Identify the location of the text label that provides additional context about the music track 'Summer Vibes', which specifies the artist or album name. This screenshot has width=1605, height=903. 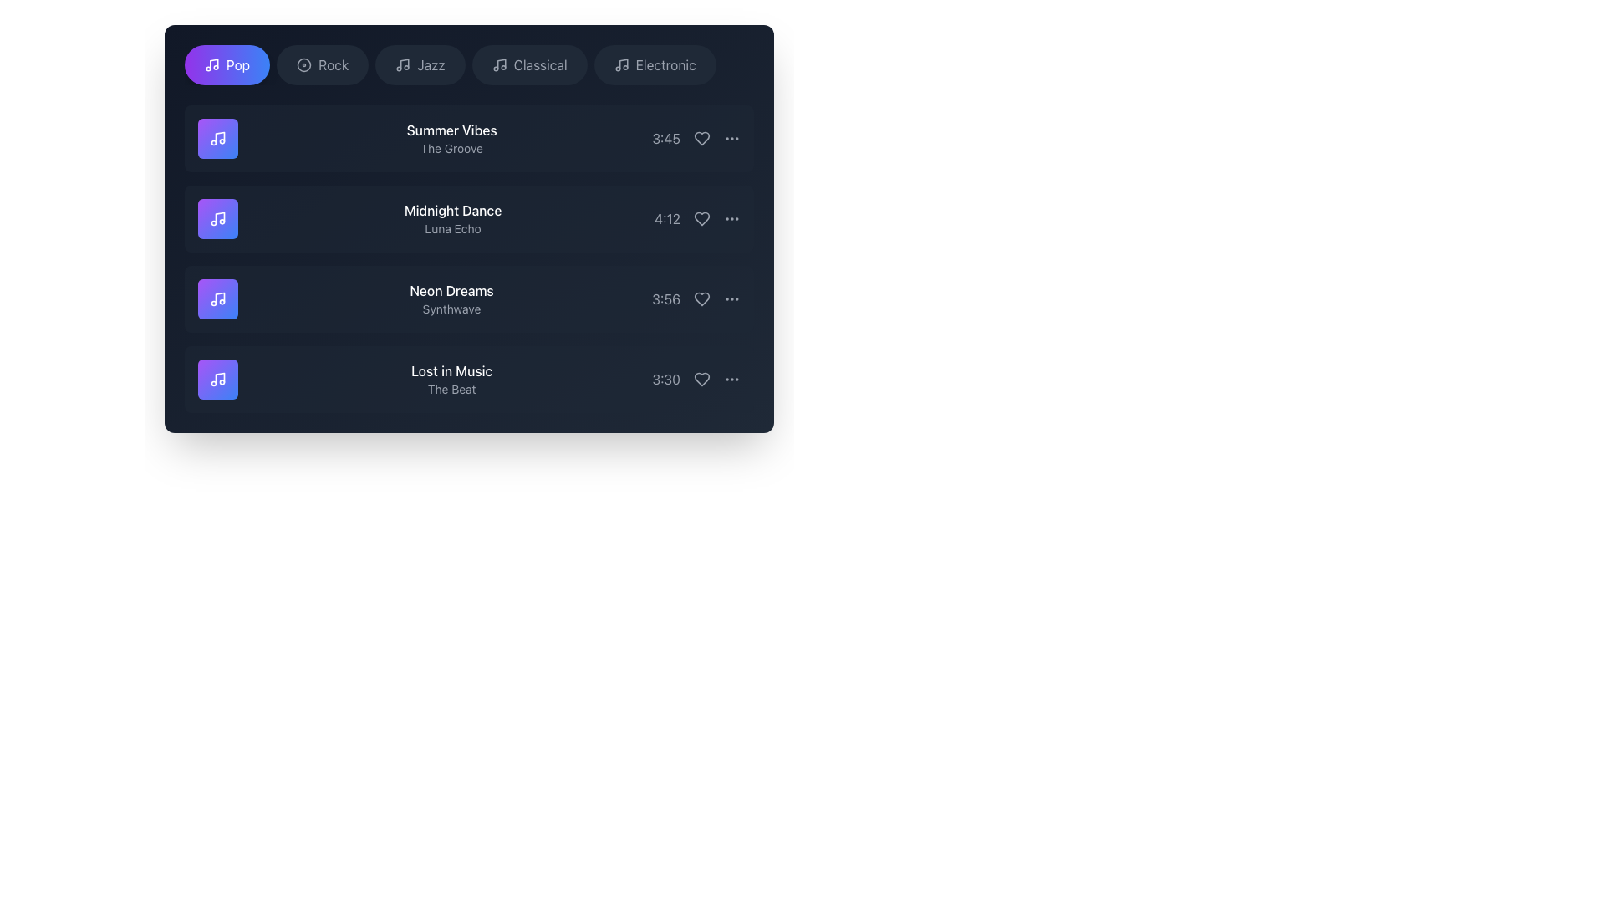
(451, 147).